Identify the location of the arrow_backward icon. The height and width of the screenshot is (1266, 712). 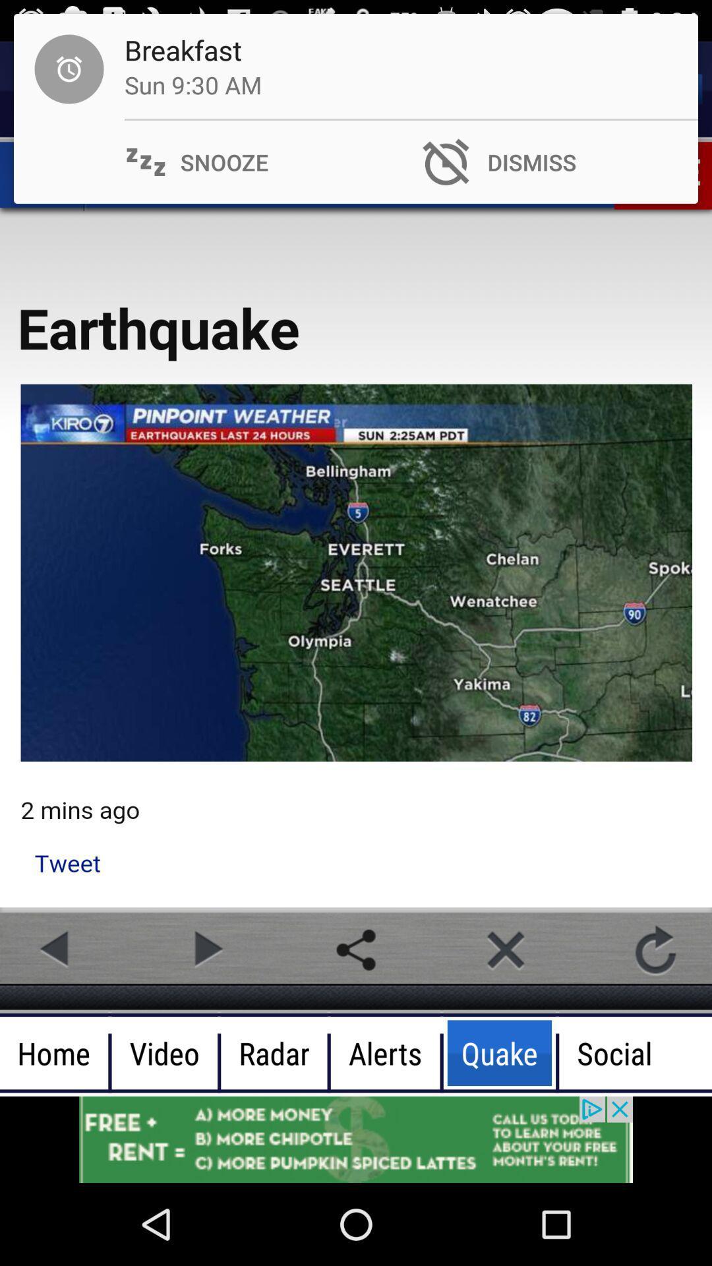
(55, 950).